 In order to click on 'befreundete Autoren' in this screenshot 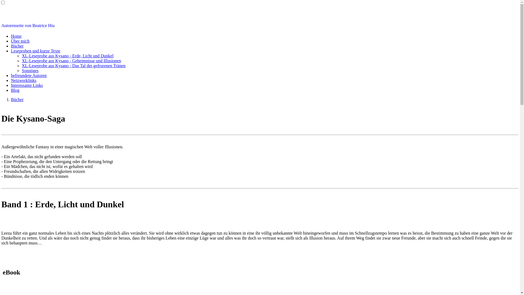, I will do `click(11, 75)`.